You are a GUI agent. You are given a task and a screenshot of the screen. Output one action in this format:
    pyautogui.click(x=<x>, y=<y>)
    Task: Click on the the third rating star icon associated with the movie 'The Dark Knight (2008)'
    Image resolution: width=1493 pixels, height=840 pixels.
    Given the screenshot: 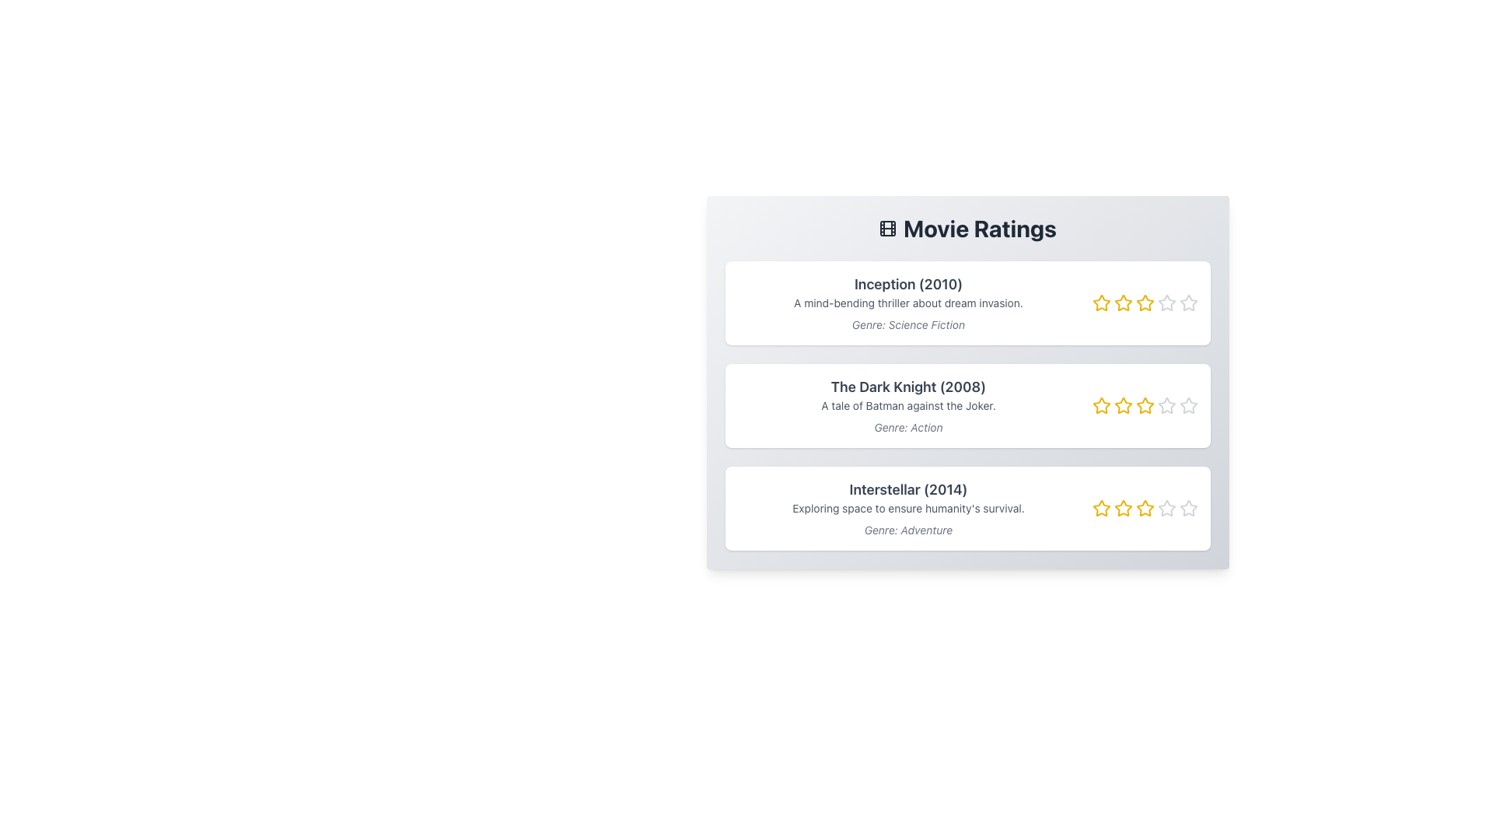 What is the action you would take?
    pyautogui.click(x=1145, y=404)
    